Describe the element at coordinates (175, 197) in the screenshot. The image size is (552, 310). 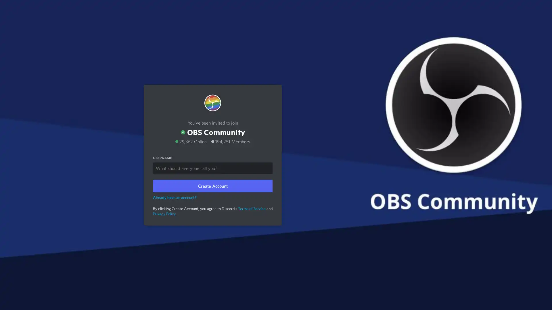
I see `Already have an account?` at that location.